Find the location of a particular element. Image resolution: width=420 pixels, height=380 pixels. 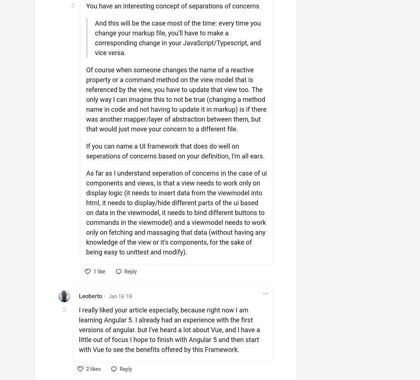

'And this will be the case most of the time: every time you change your markup file, you'll have to make a corresponding change in your JavaScript/Typescript, and vice versa.' is located at coordinates (95, 37).